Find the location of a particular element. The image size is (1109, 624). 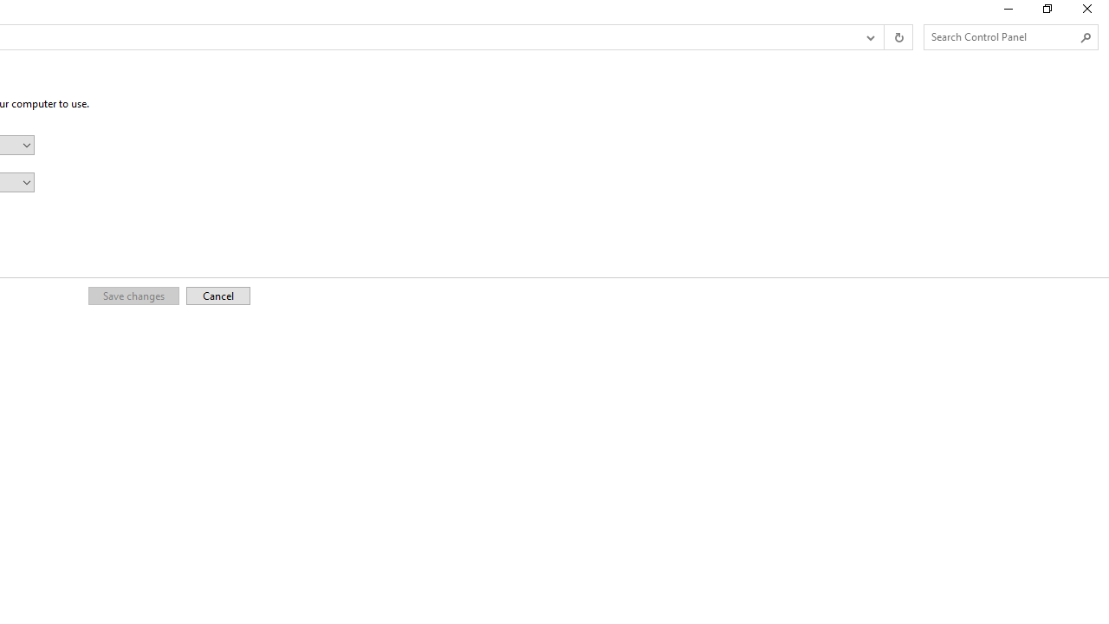

'Minimize' is located at coordinates (1007, 13).